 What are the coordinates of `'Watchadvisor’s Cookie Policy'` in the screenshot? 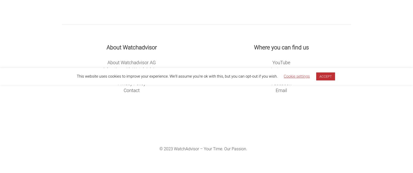 It's located at (131, 76).